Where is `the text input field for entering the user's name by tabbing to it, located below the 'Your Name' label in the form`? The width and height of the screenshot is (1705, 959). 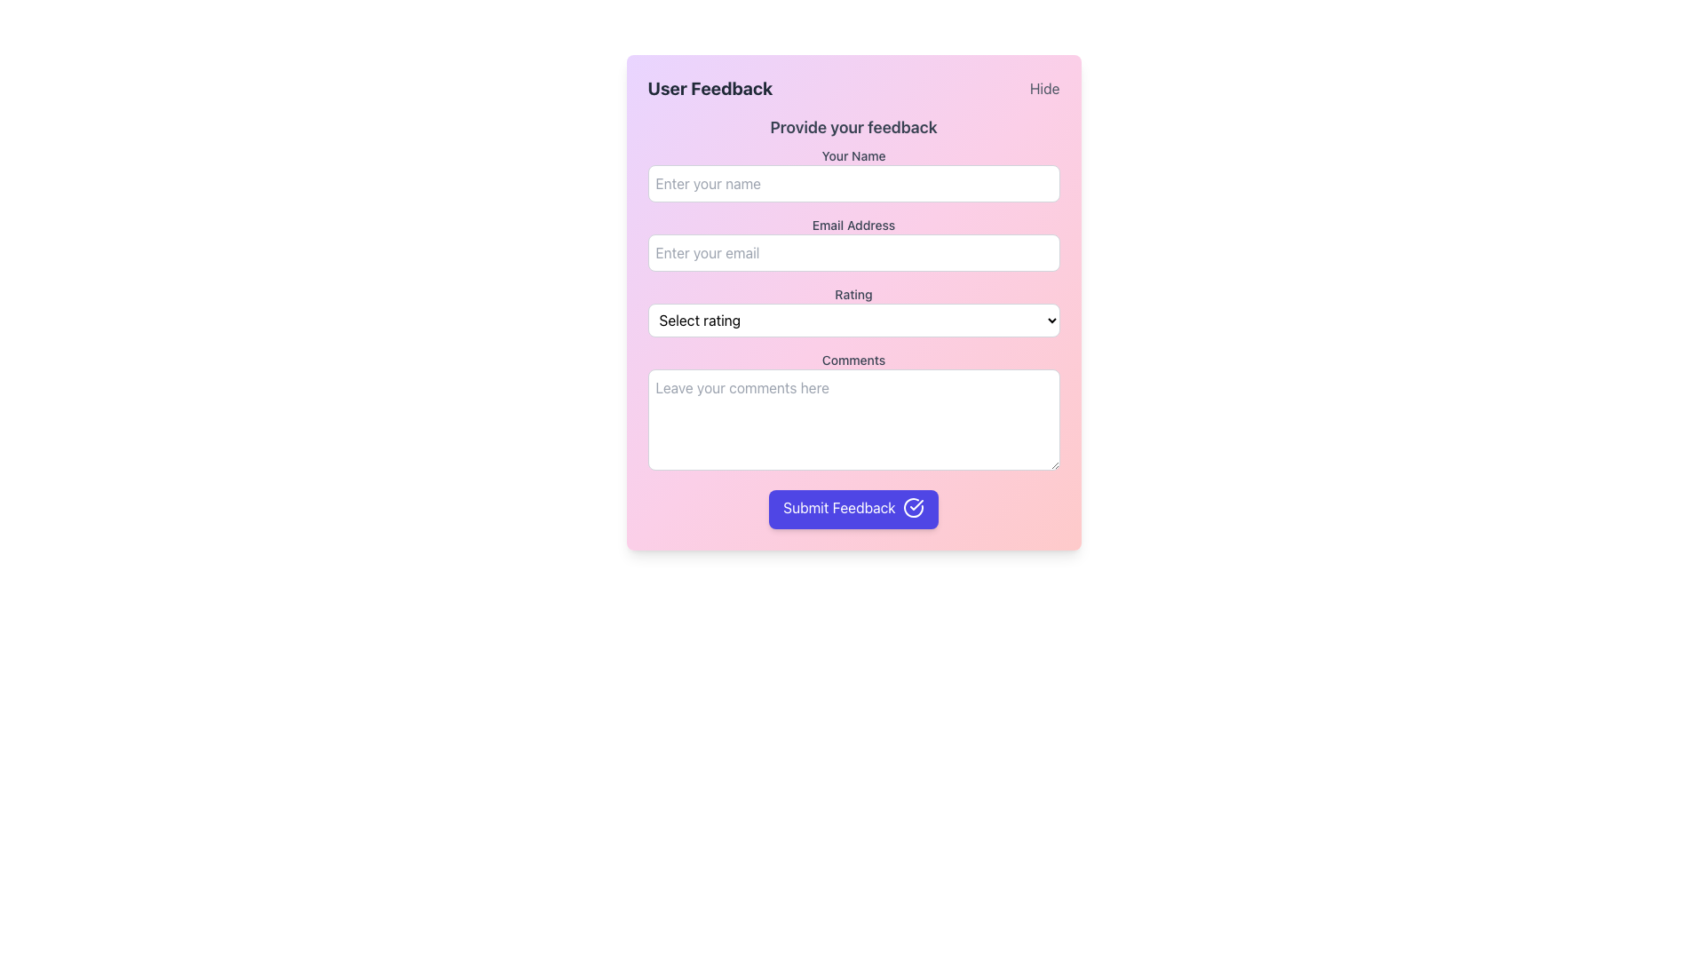
the text input field for entering the user's name by tabbing to it, located below the 'Your Name' label in the form is located at coordinates (853, 184).